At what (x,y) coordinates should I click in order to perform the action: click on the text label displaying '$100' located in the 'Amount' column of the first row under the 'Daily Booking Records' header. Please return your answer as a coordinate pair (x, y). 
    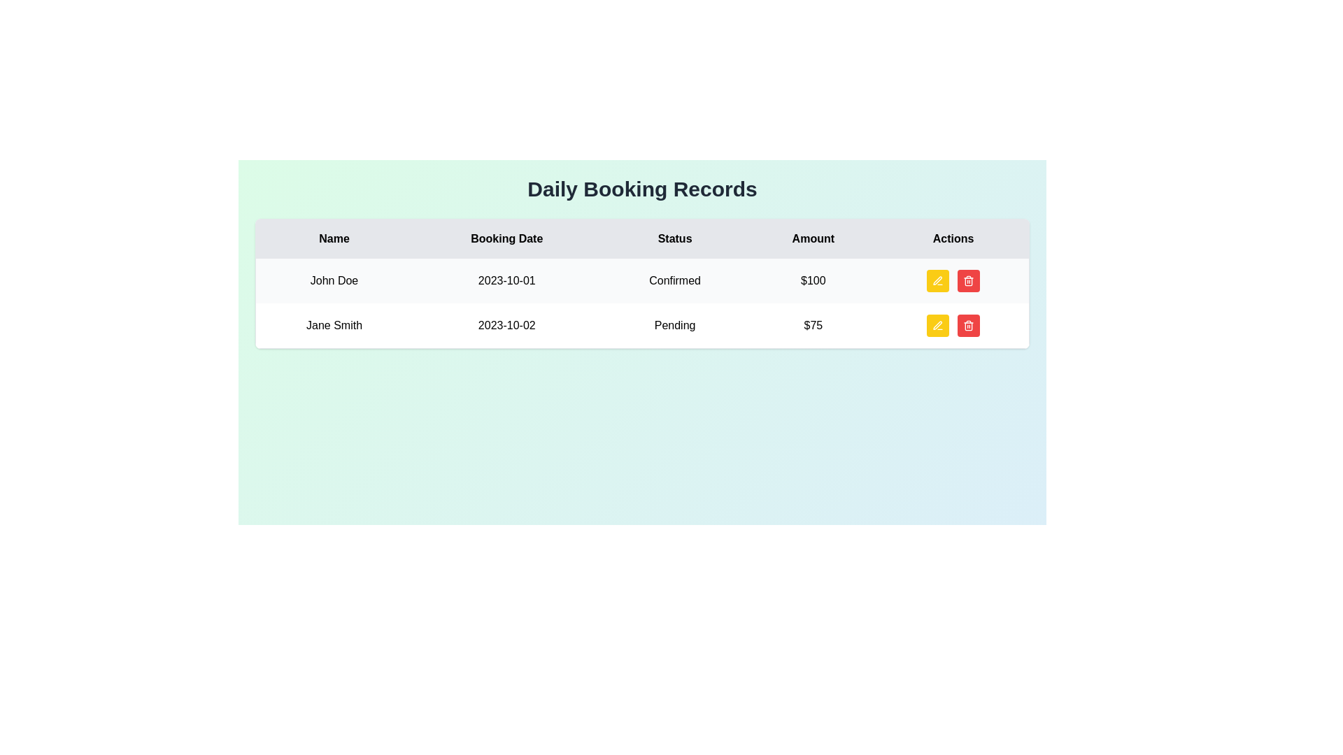
    Looking at the image, I should click on (813, 280).